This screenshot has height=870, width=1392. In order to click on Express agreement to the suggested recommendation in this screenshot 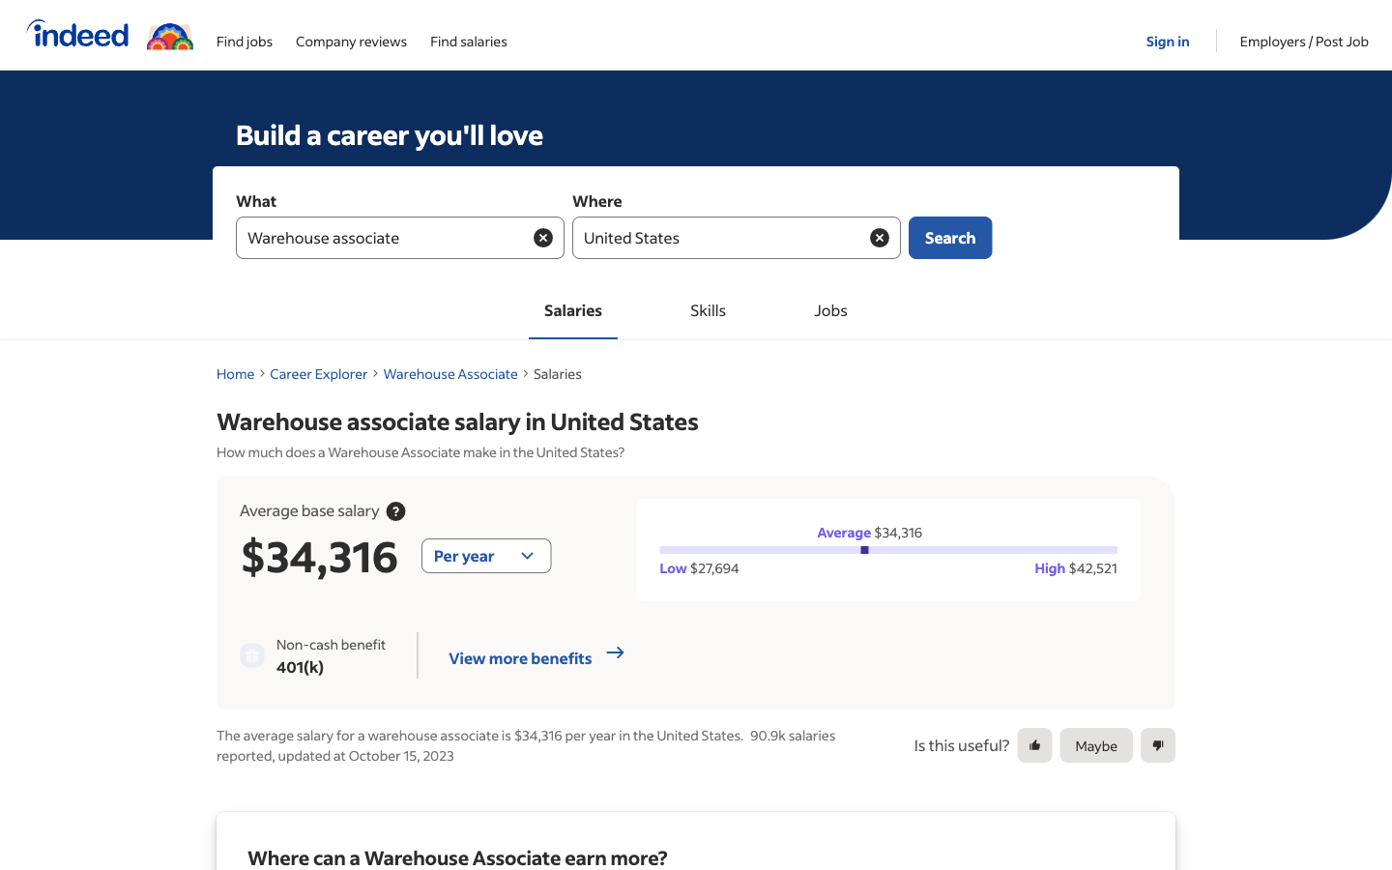, I will do `click(1034, 744)`.